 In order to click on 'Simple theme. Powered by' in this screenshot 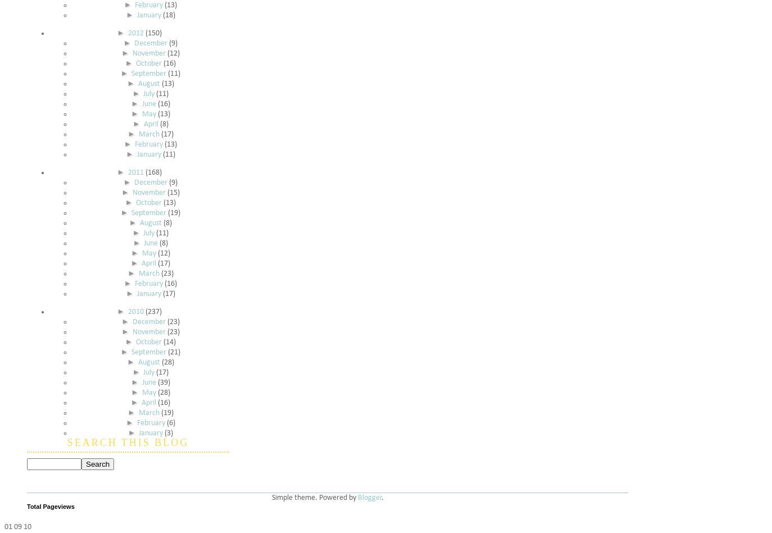, I will do `click(314, 497)`.